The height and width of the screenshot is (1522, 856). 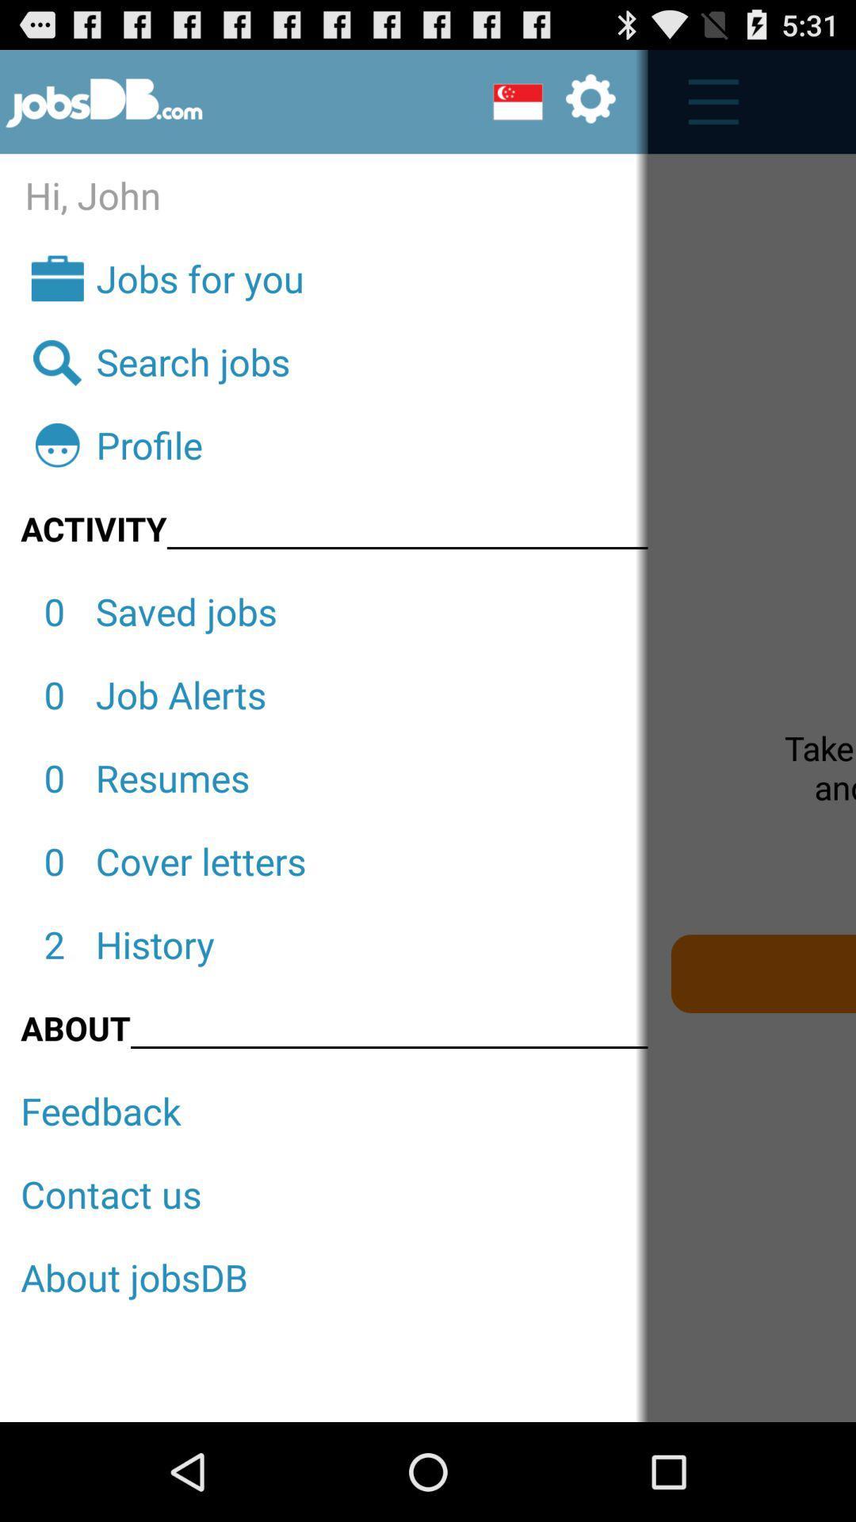 I want to click on the button next to settings icon, so click(x=705, y=101).